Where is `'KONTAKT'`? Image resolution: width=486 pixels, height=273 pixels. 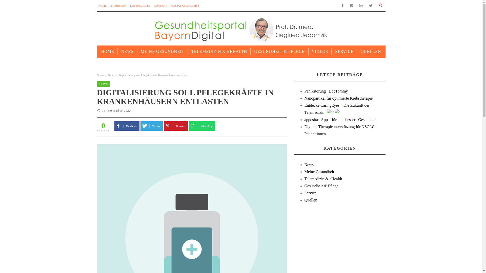 'KONTAKT' is located at coordinates (160, 6).